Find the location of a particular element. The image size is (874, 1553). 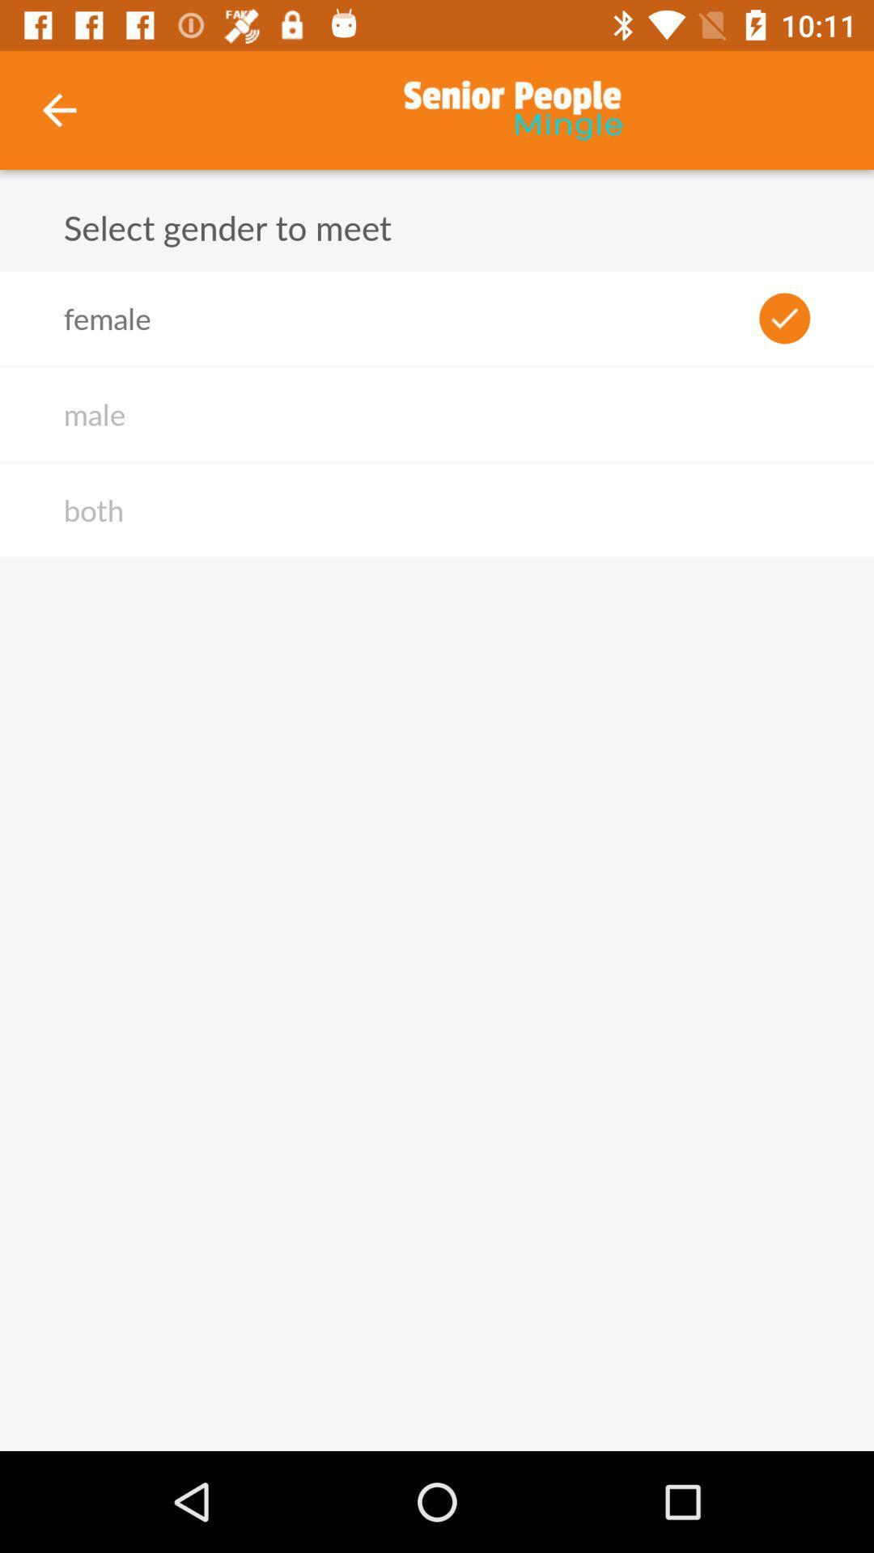

item above both icon is located at coordinates (94, 413).